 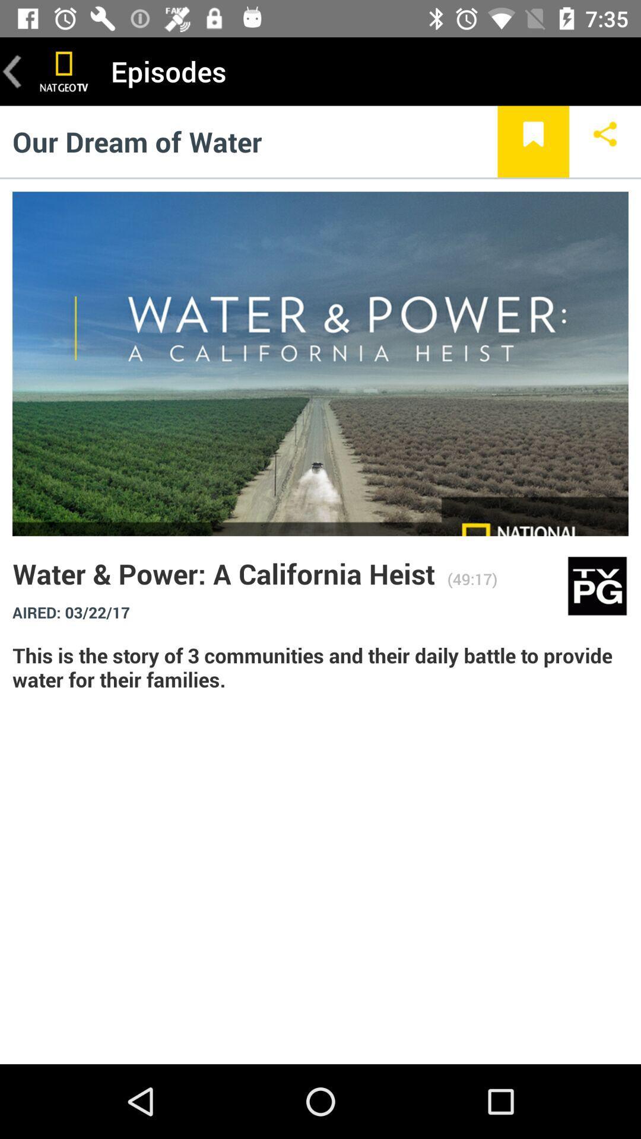 I want to click on share page, so click(x=605, y=141).